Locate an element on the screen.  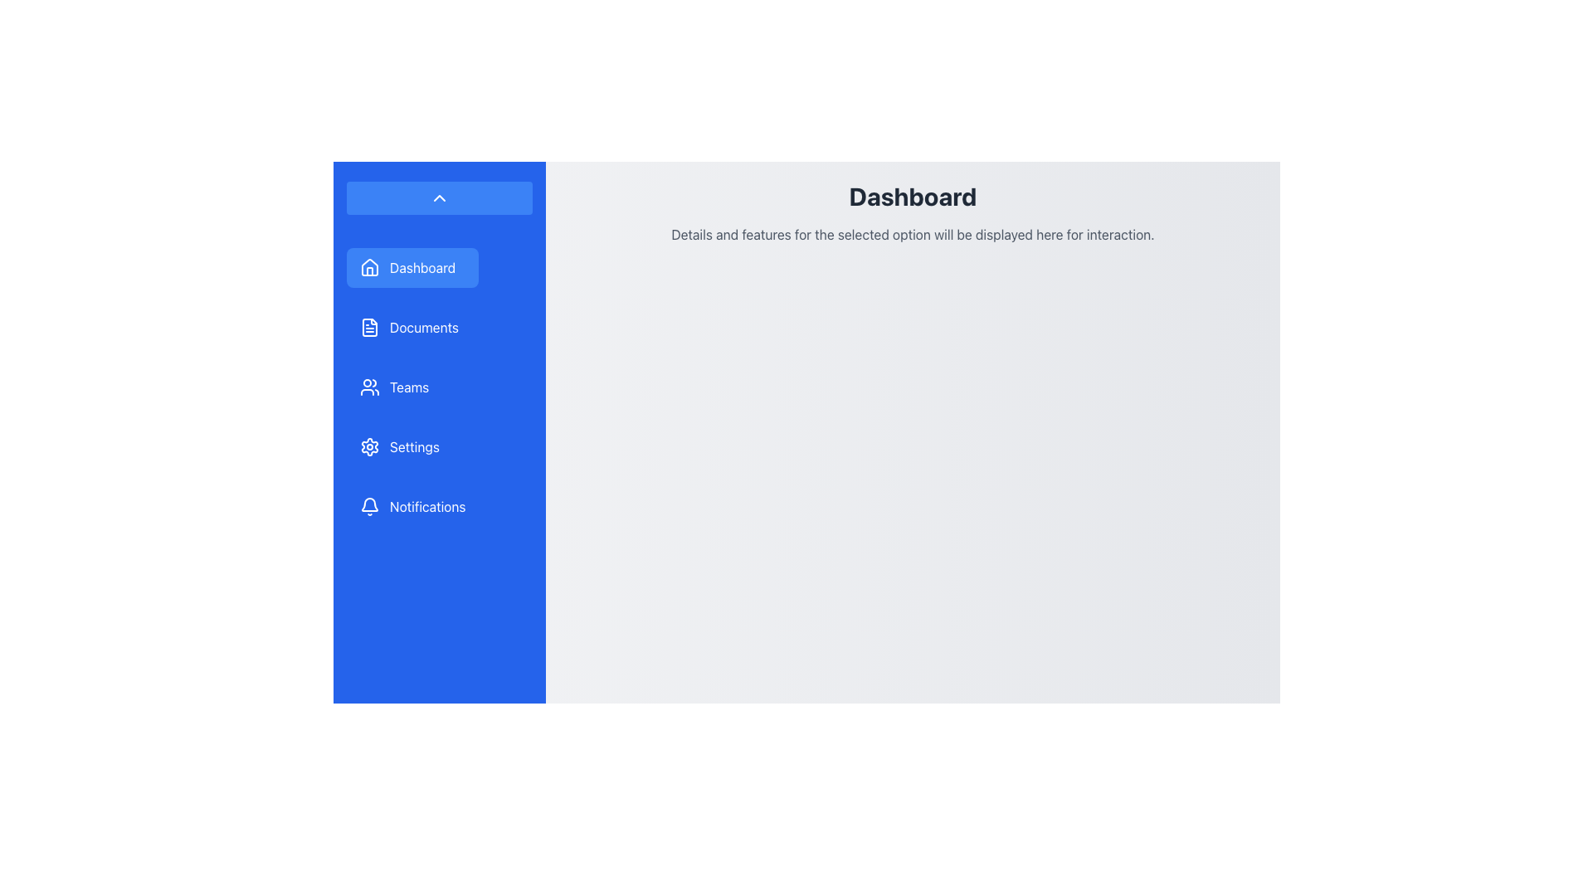
the document file icon located in the vertical navigation bar, positioned next to the text 'Documents' is located at coordinates (369, 327).